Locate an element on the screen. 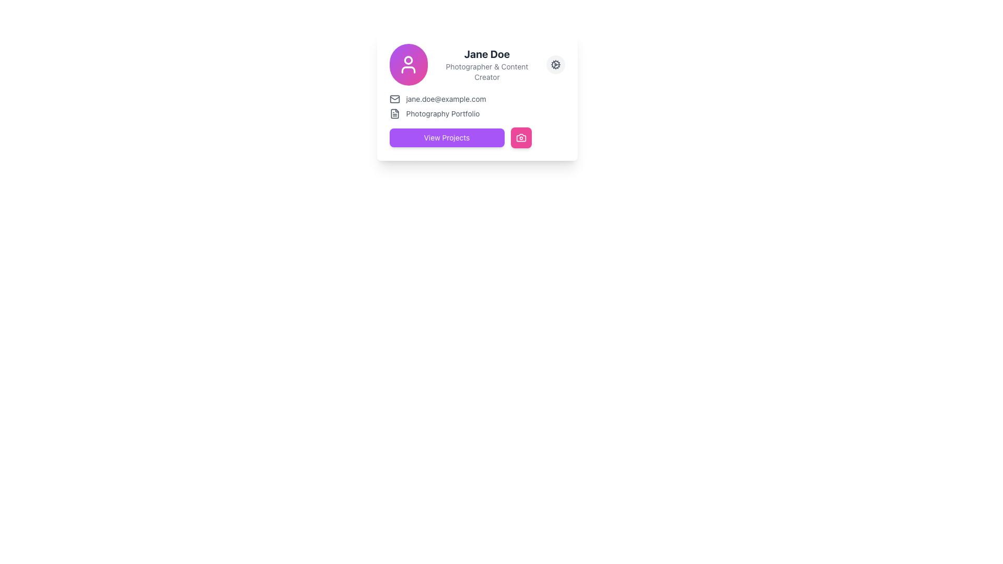 The height and width of the screenshot is (564, 1003). the interactive navigation button located on the leftmost side of a horizontal layout, which directs the user is located at coordinates (447, 137).